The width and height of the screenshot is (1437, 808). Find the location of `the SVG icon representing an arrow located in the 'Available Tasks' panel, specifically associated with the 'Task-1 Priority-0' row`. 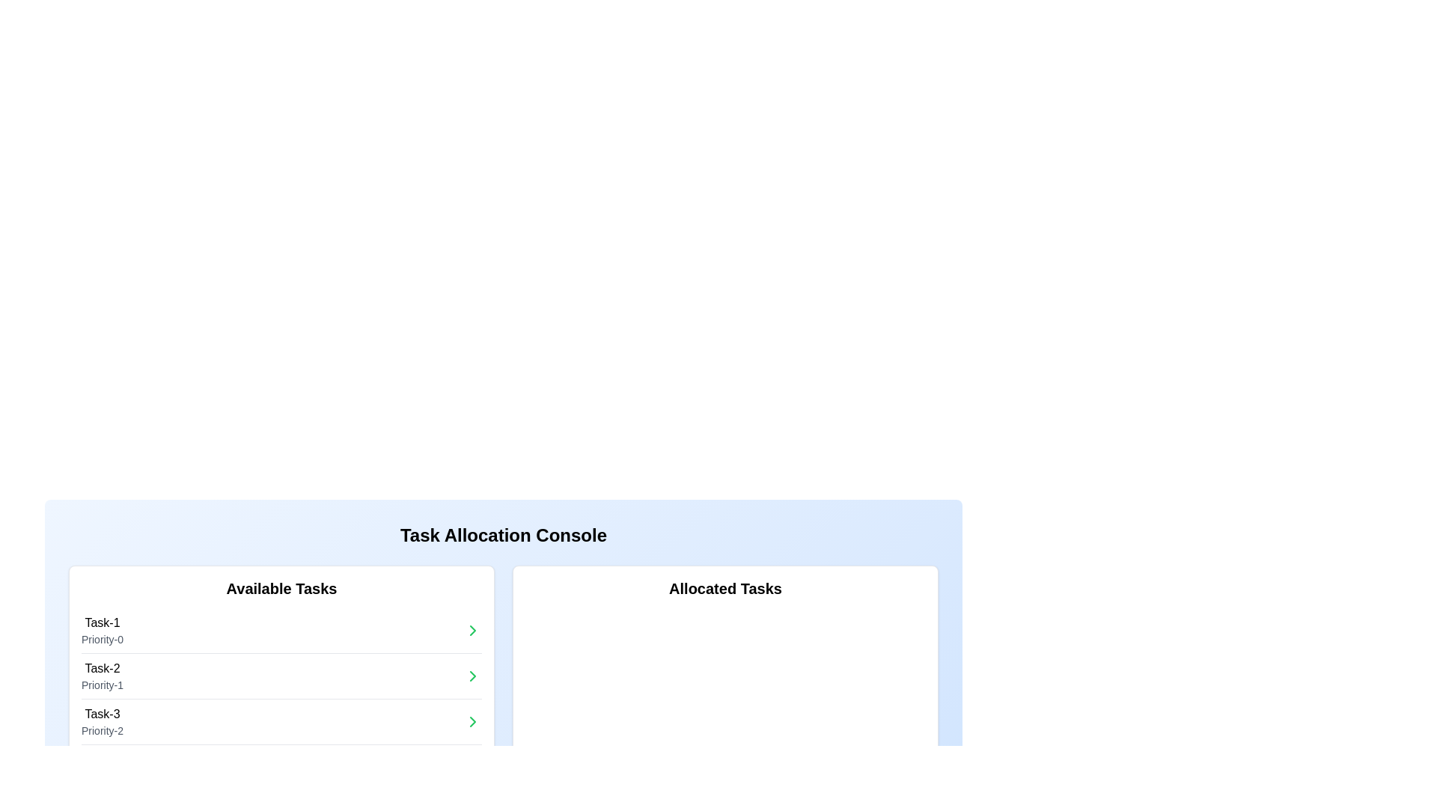

the SVG icon representing an arrow located in the 'Available Tasks' panel, specifically associated with the 'Task-1 Priority-0' row is located at coordinates (472, 631).